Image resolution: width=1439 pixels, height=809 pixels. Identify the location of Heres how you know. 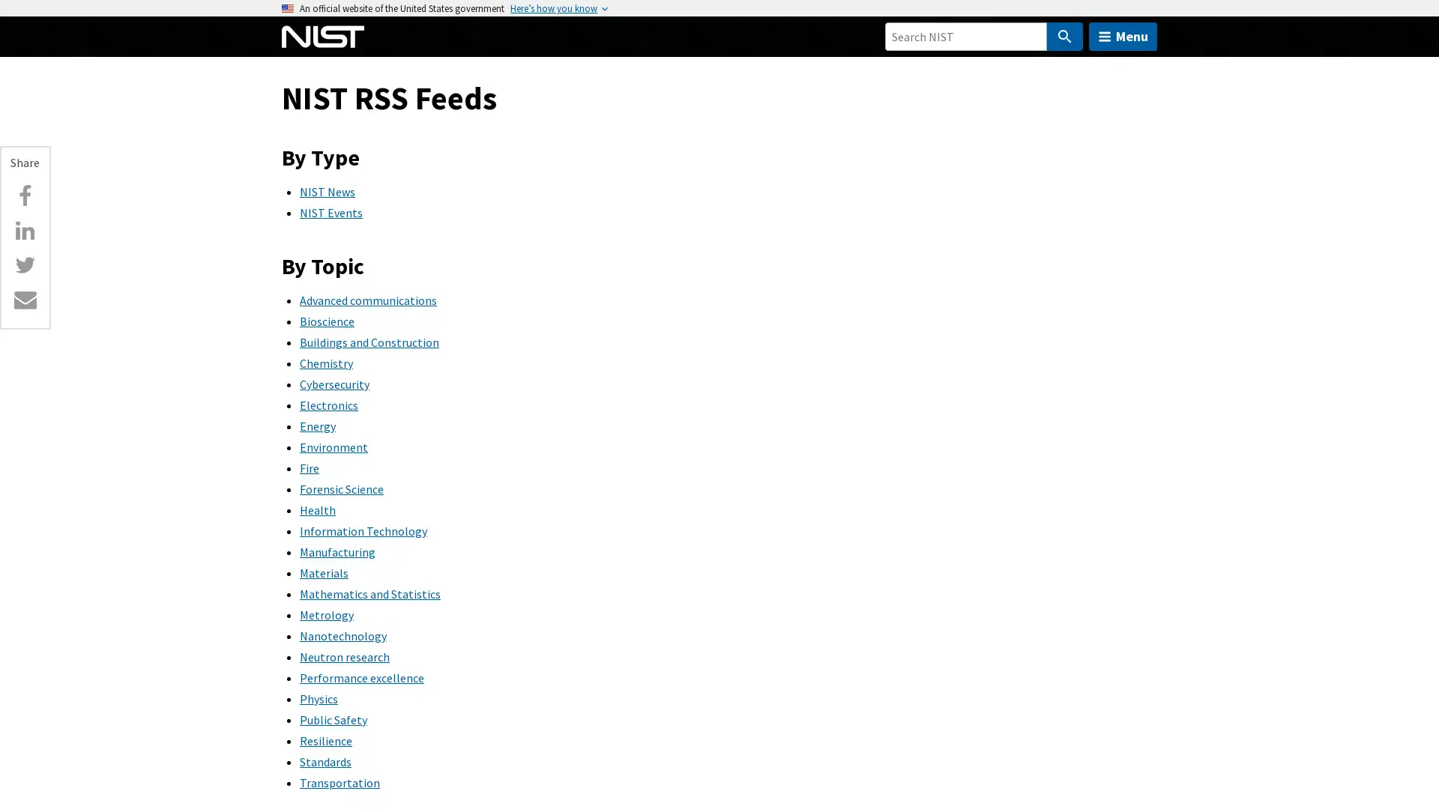
(553, 8).